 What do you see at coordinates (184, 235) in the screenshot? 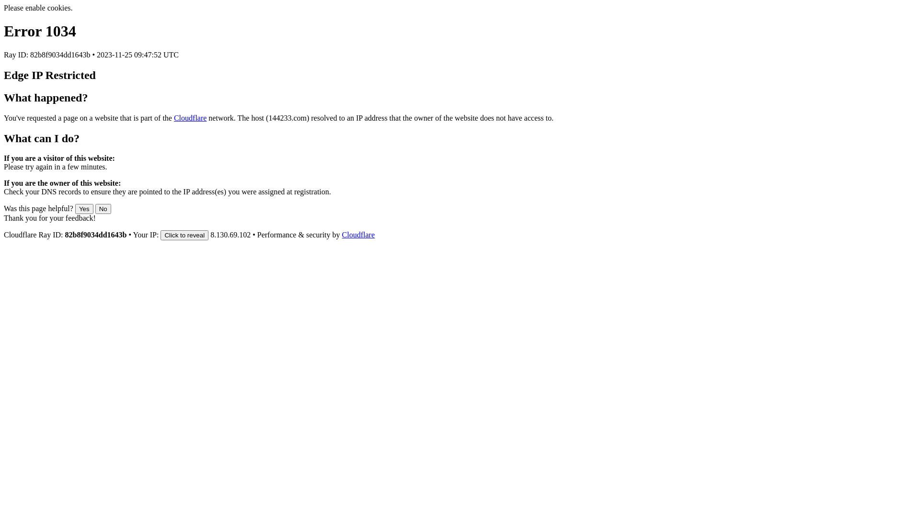
I see `'Click to reveal'` at bounding box center [184, 235].